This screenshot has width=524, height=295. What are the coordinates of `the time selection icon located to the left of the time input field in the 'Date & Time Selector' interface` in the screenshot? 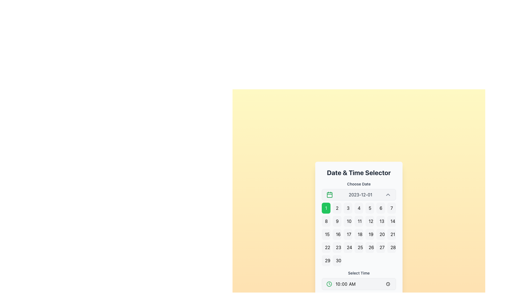 It's located at (329, 284).